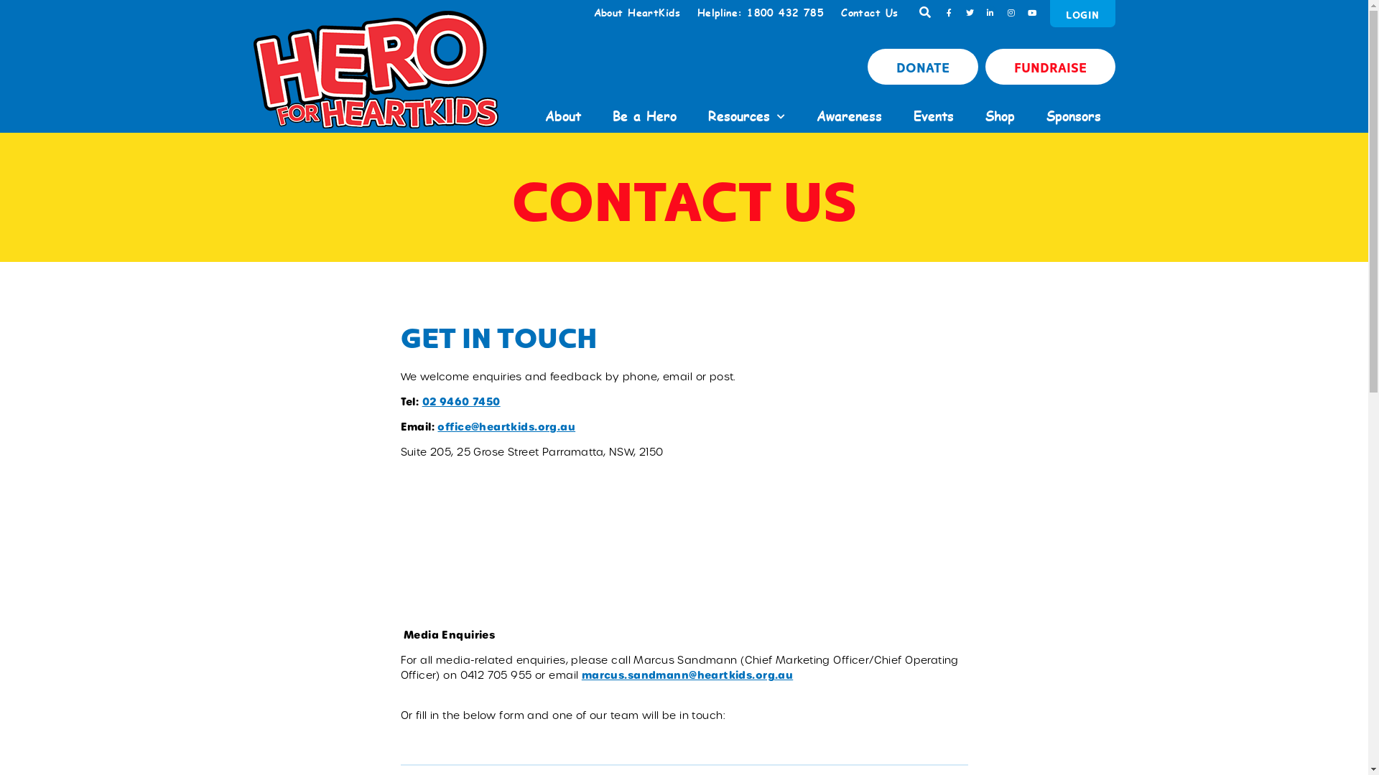 Image resolution: width=1379 pixels, height=775 pixels. I want to click on 'DONATE', so click(923, 66).